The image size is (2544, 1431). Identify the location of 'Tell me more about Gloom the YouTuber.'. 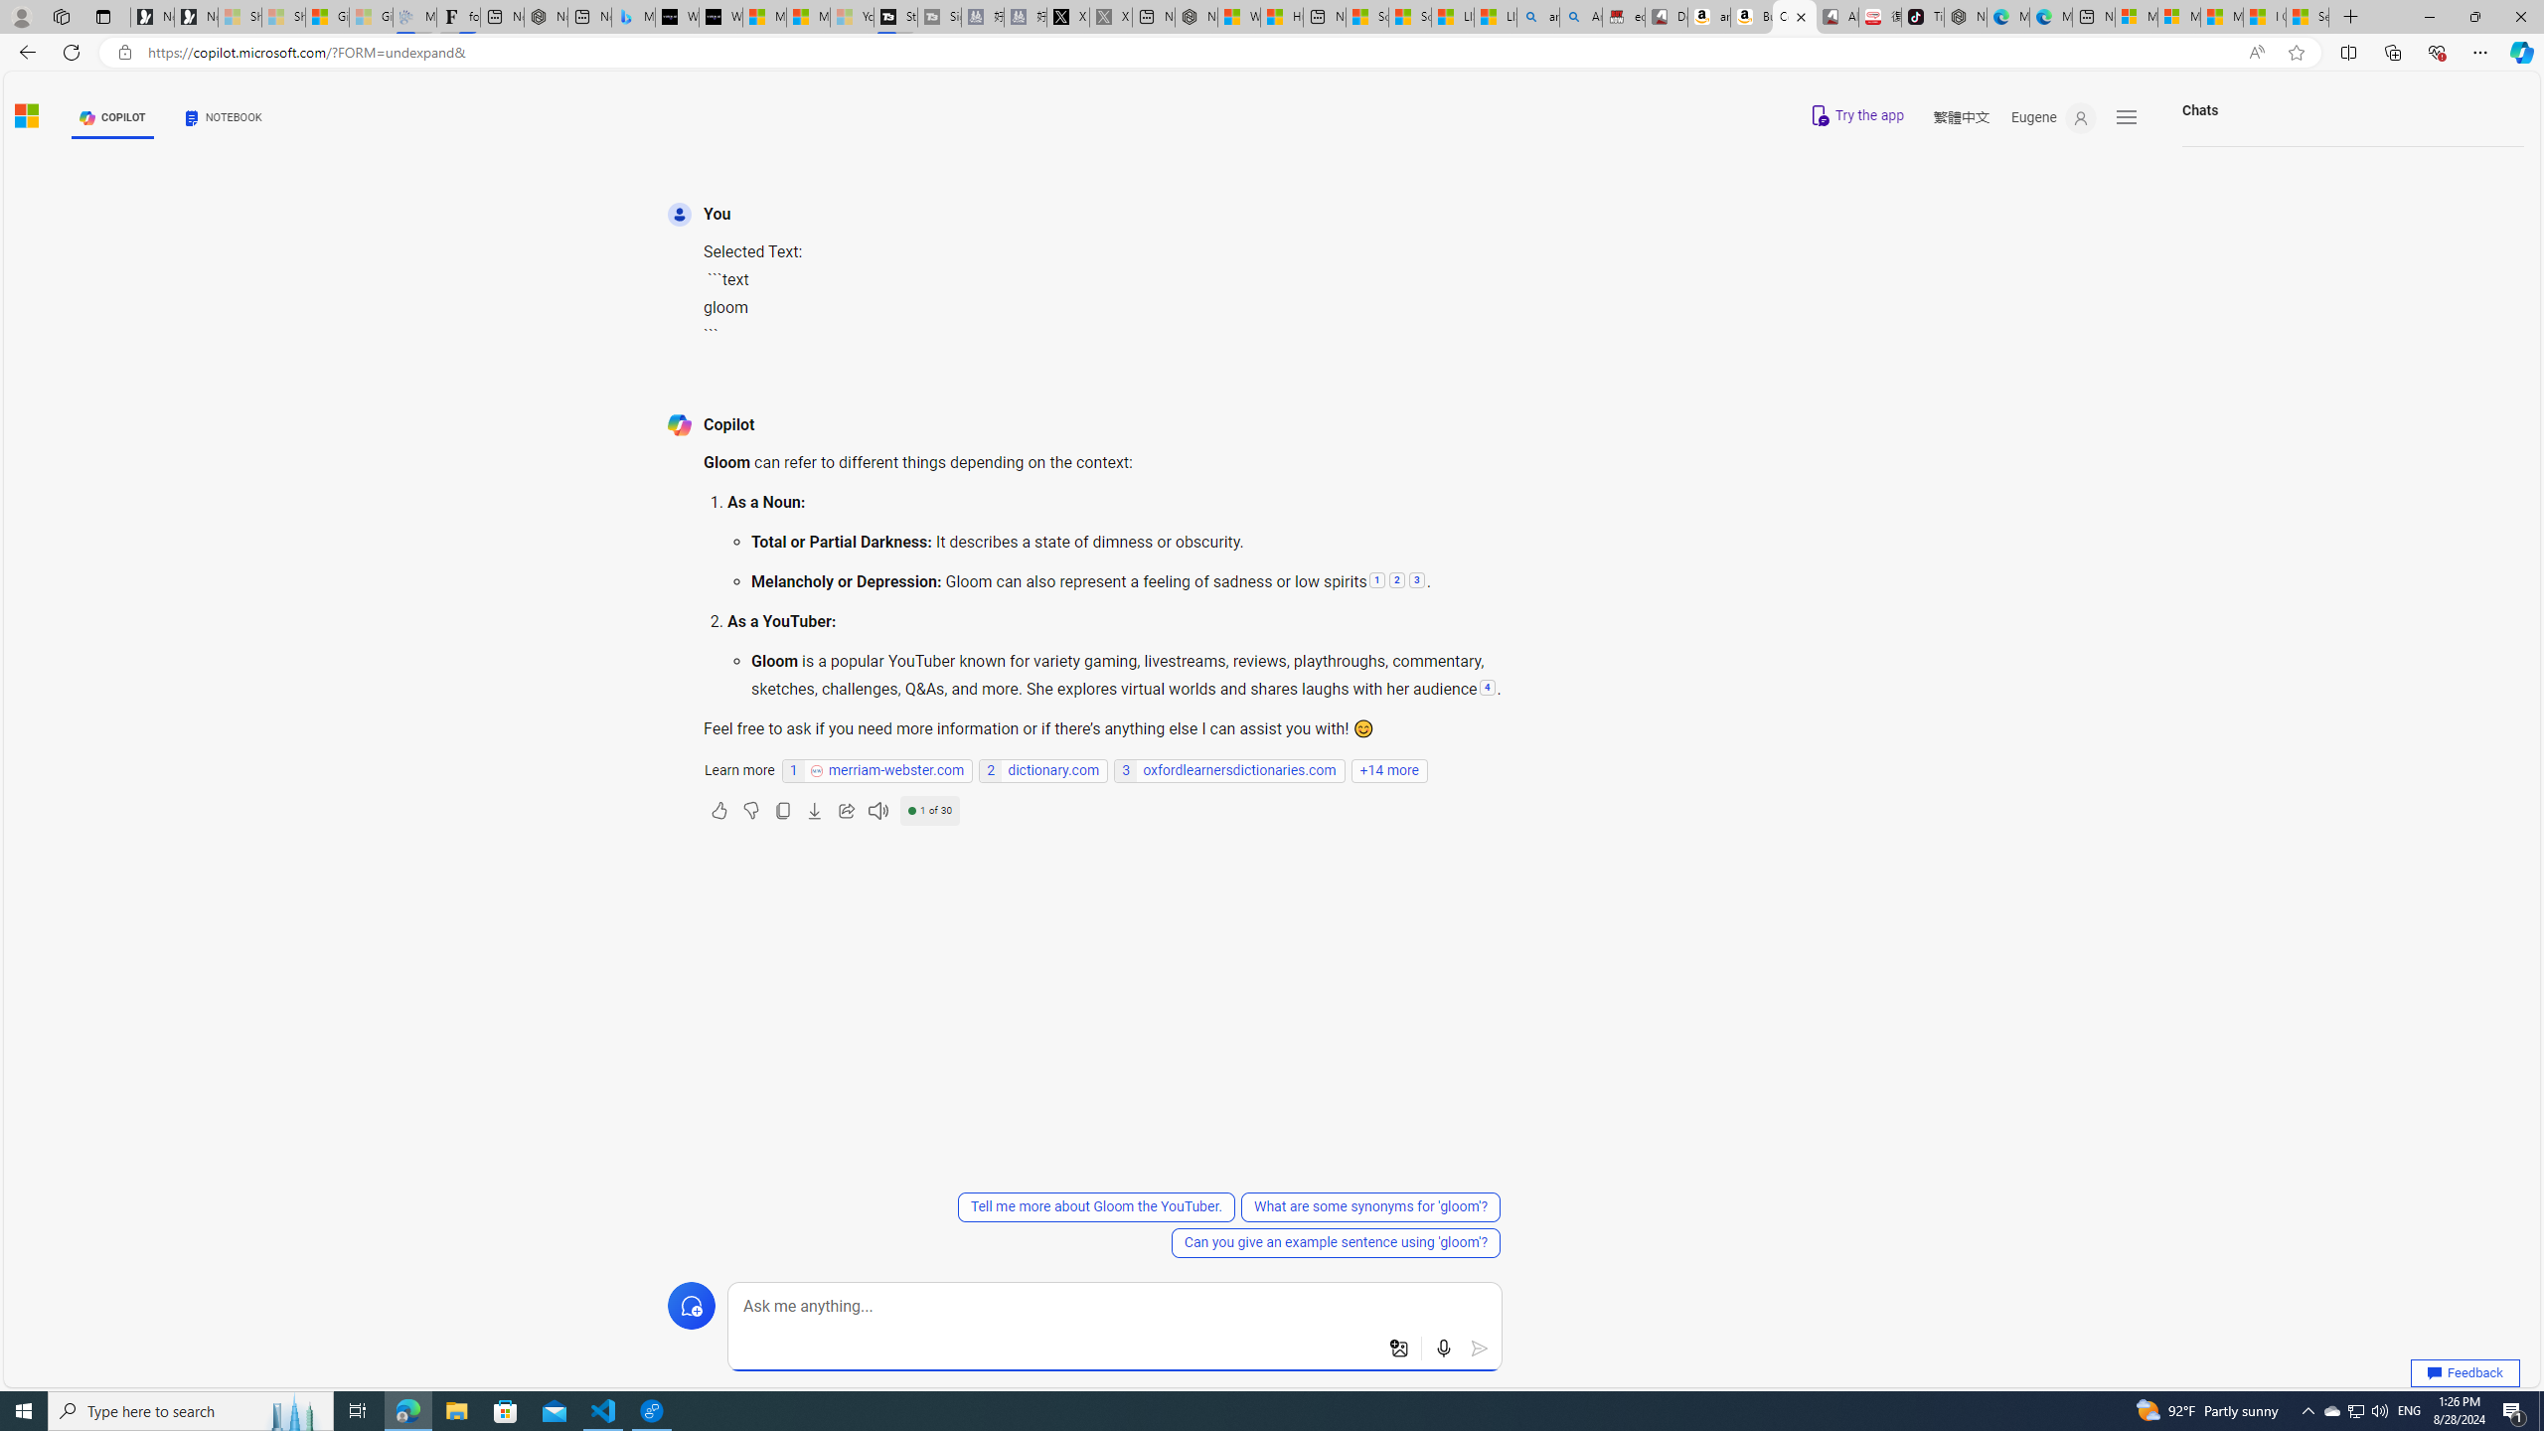
(1095, 1206).